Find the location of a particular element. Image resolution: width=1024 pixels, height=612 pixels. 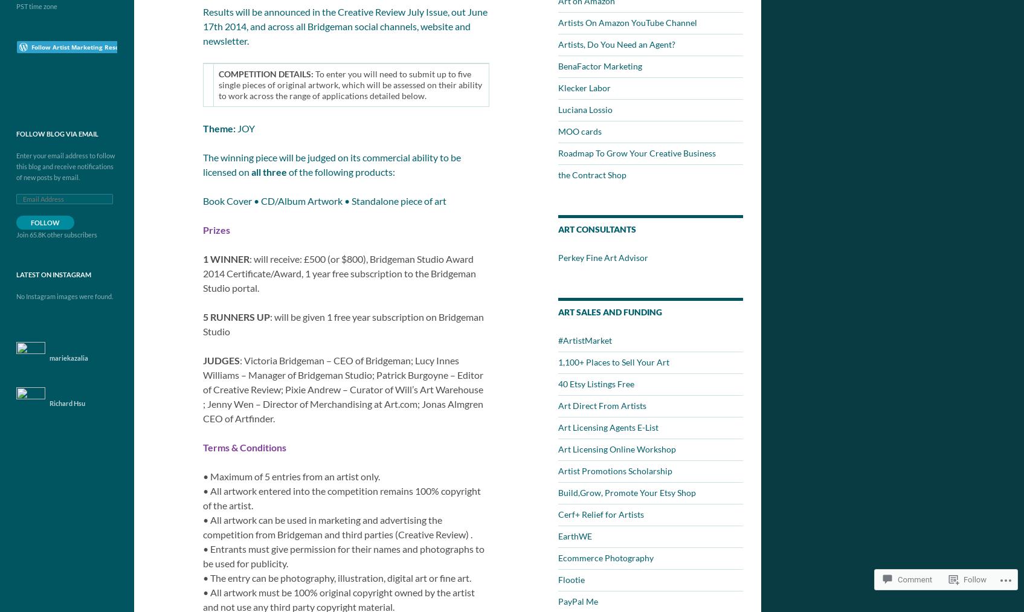

'Artists, Do You Need an Agent?' is located at coordinates (616, 43).